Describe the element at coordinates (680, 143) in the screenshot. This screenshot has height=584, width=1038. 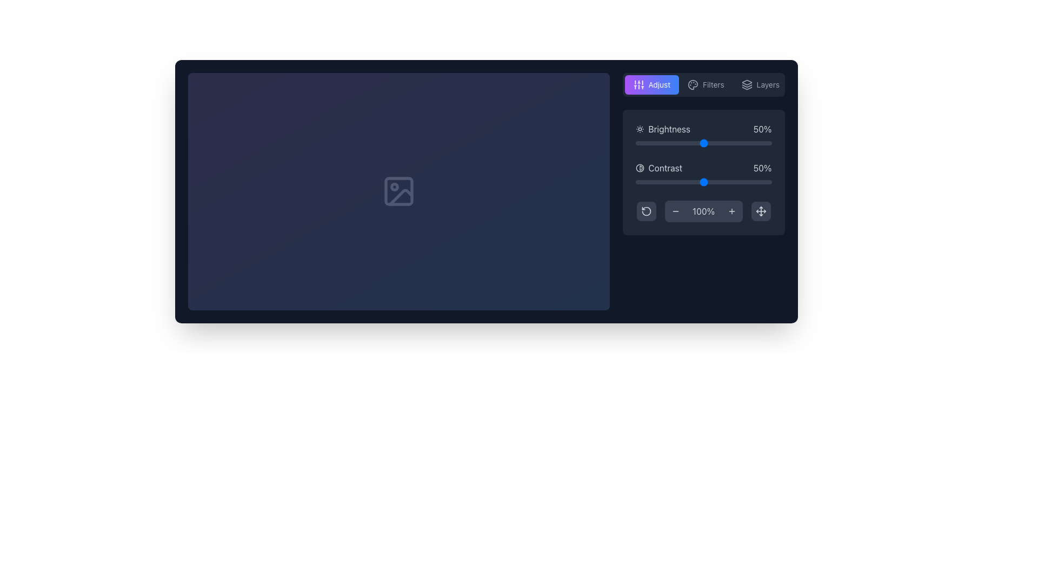
I see `the slider value` at that location.